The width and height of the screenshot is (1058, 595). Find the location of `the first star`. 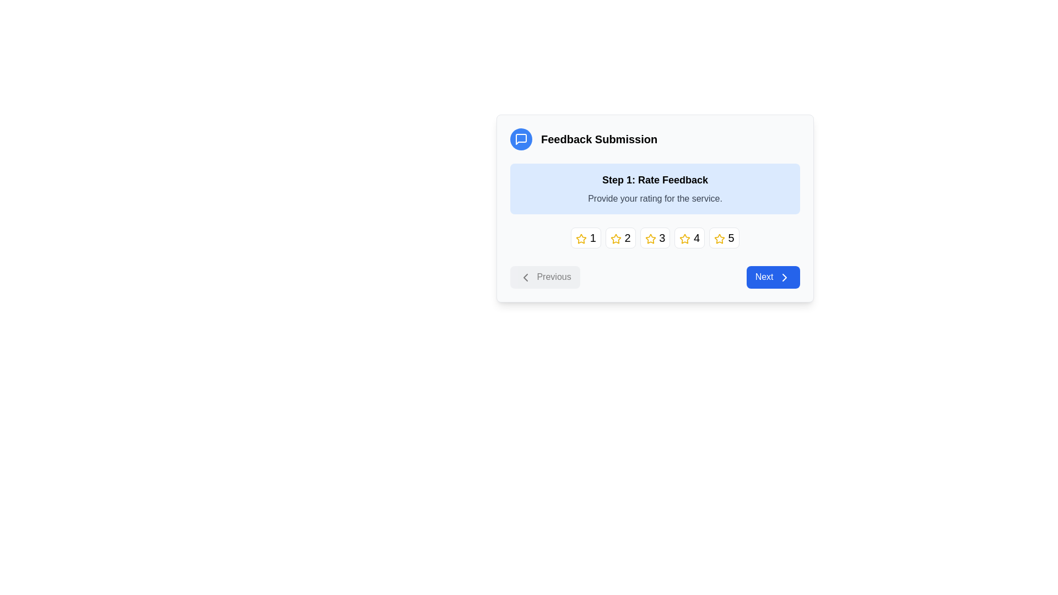

the first star is located at coordinates (581, 238).